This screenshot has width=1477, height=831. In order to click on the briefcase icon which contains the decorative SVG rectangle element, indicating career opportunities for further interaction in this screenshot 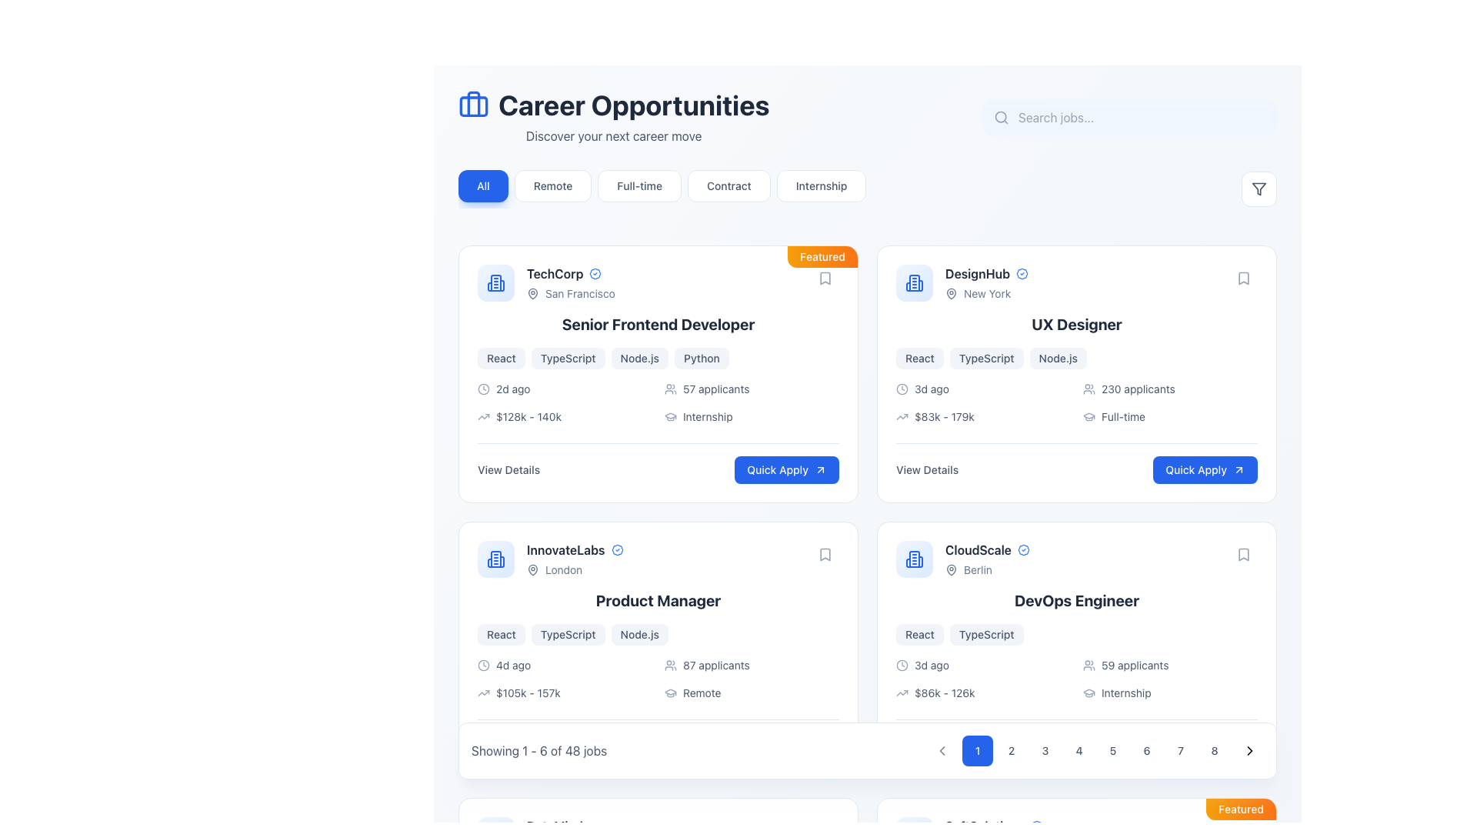, I will do `click(472, 105)`.